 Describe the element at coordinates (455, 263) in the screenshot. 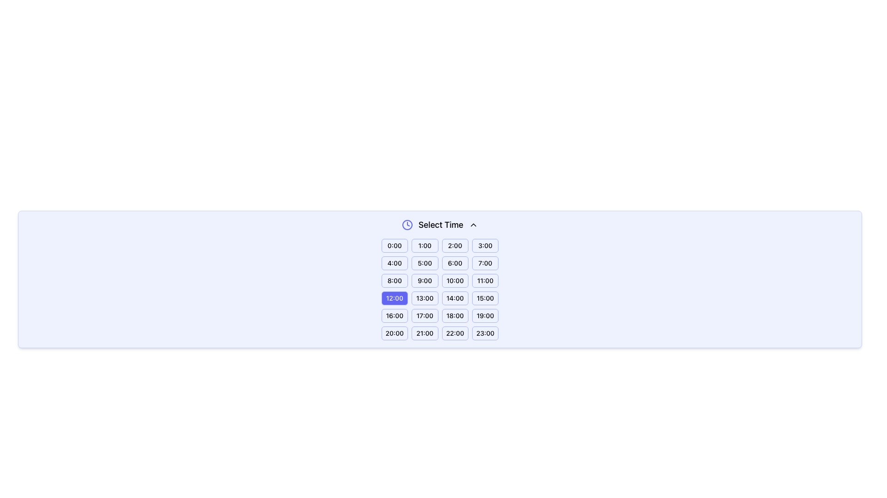

I see `the button labeled '6:00', which is a rectangular button with rounded corners, white background, and dark primary color text` at that location.